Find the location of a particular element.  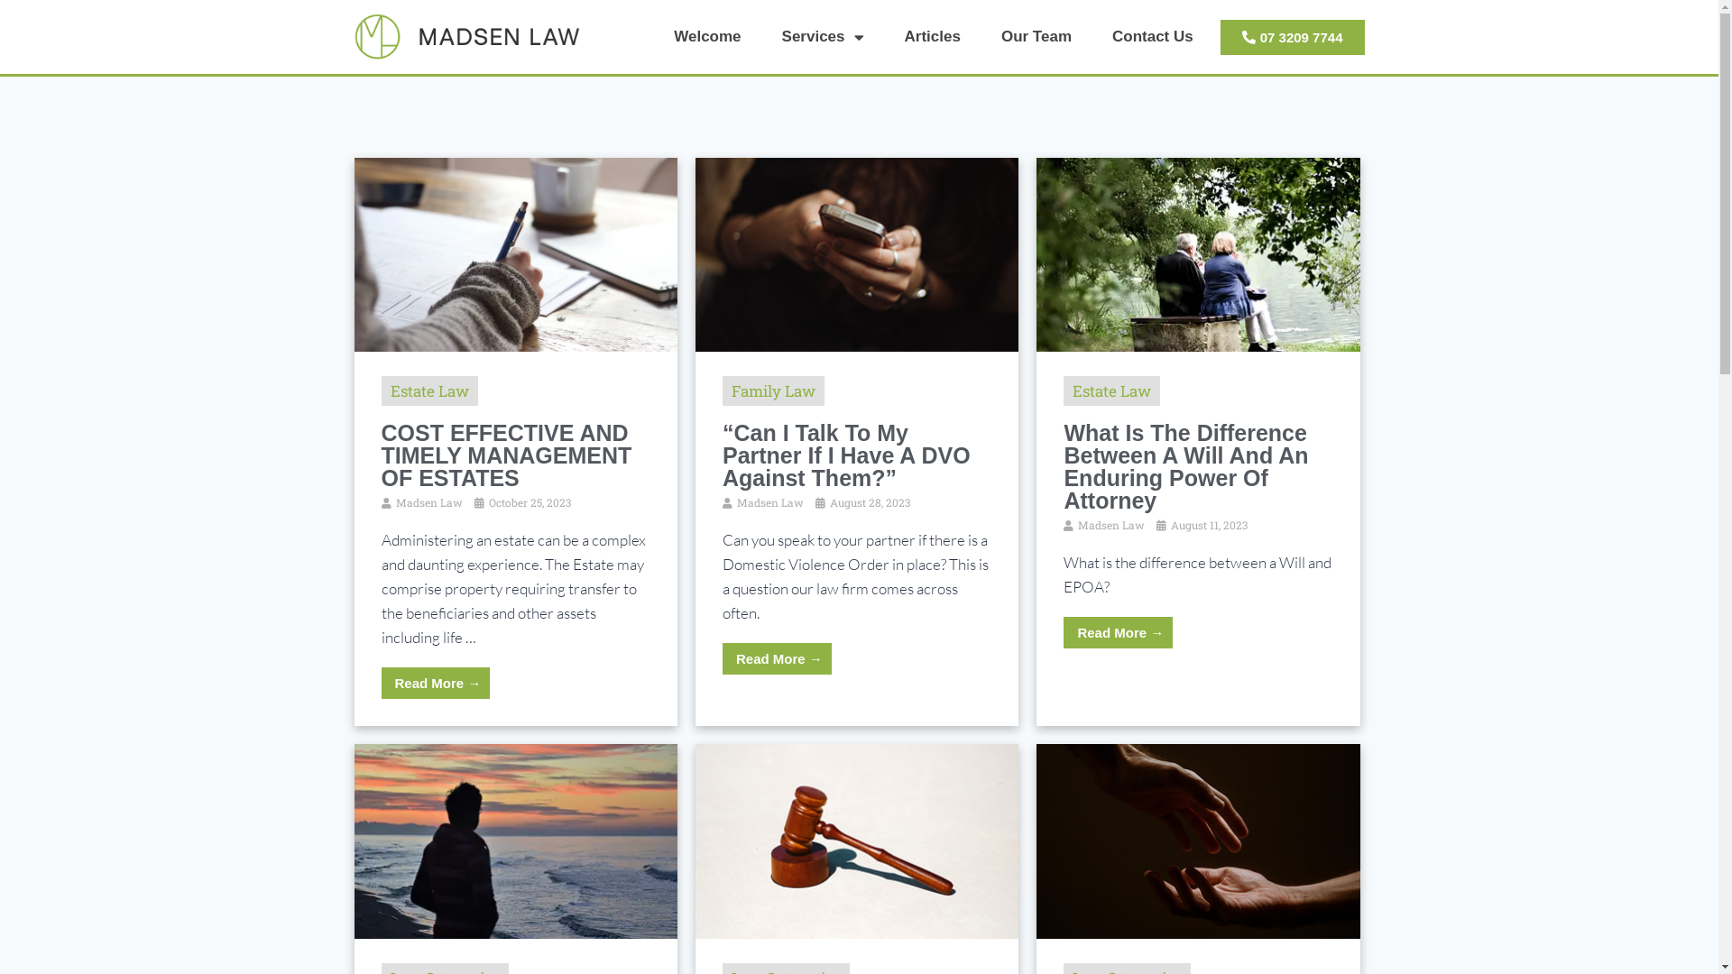

'07 3209 7744' is located at coordinates (1292, 37).